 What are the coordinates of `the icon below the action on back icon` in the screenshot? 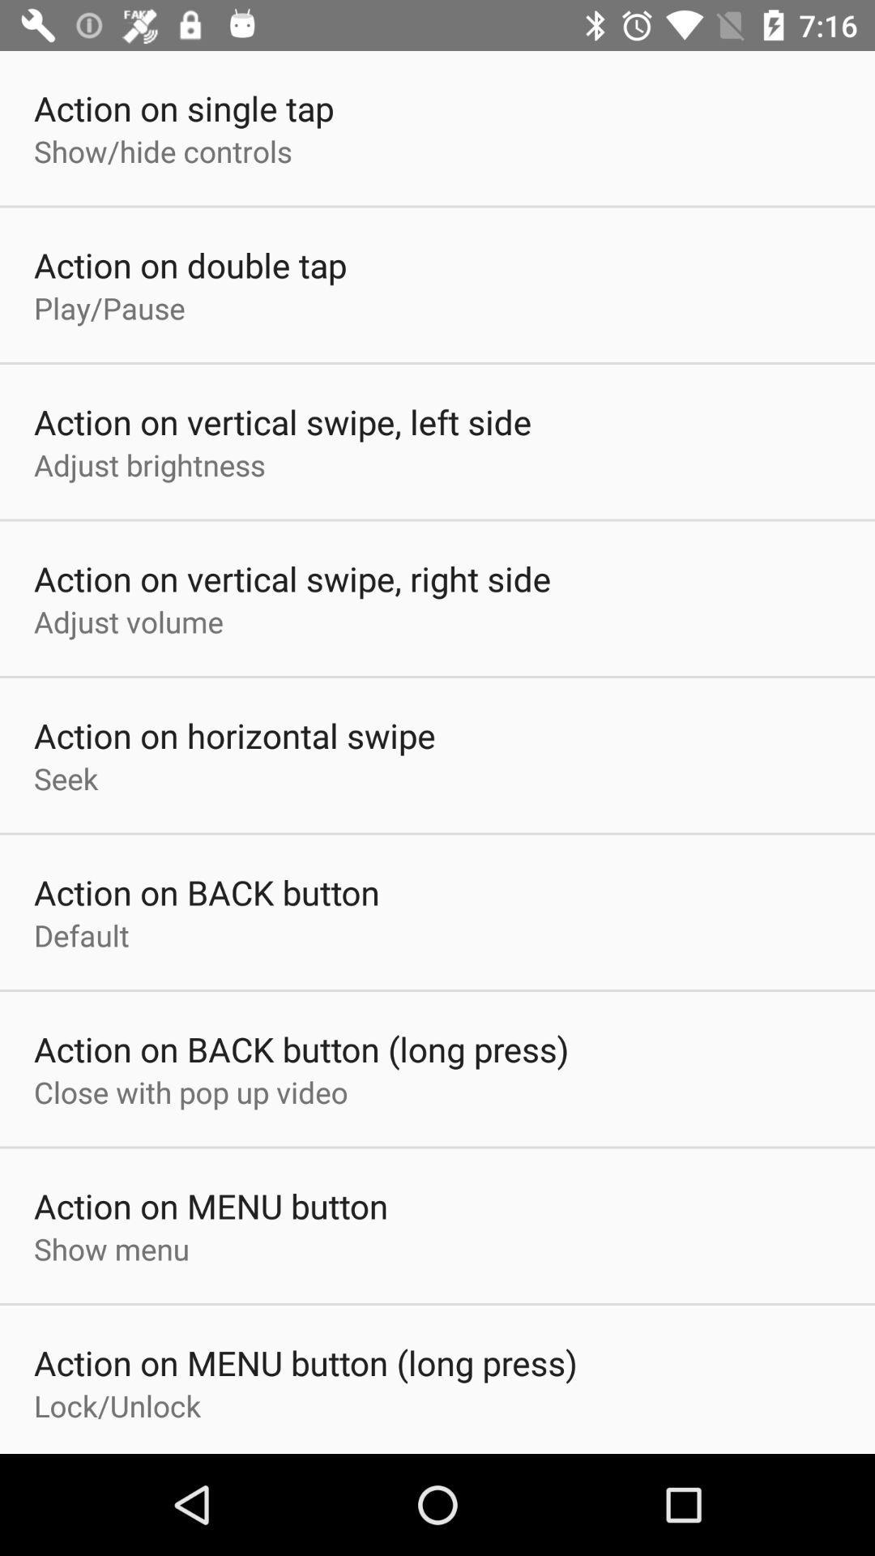 It's located at (190, 1092).